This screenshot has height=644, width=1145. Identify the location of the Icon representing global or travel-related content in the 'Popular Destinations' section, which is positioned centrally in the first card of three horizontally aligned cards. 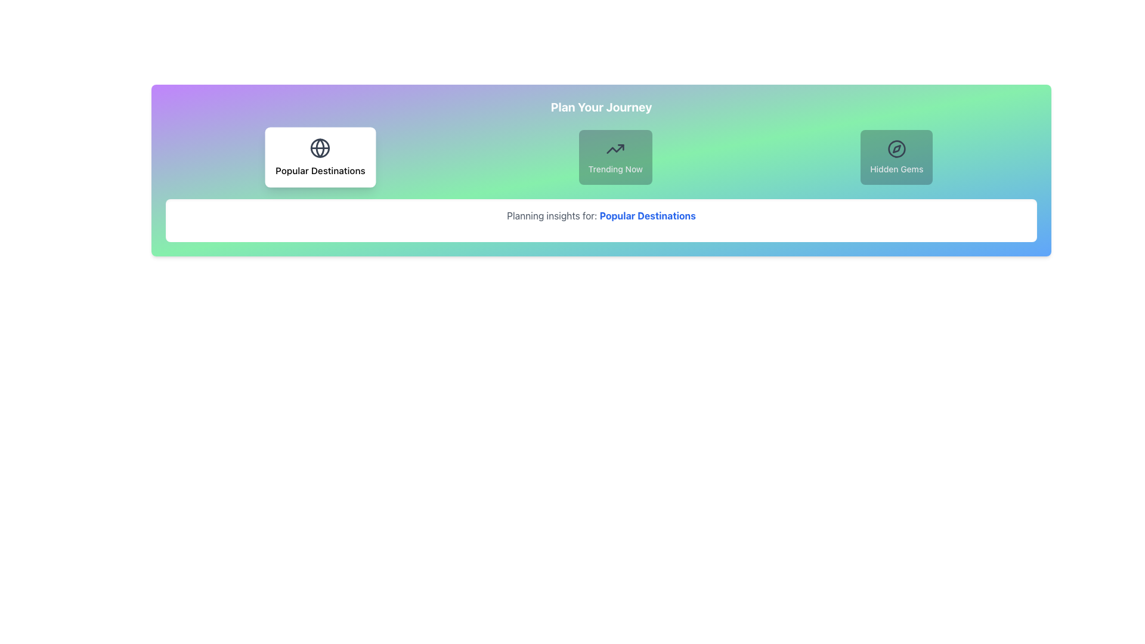
(320, 147).